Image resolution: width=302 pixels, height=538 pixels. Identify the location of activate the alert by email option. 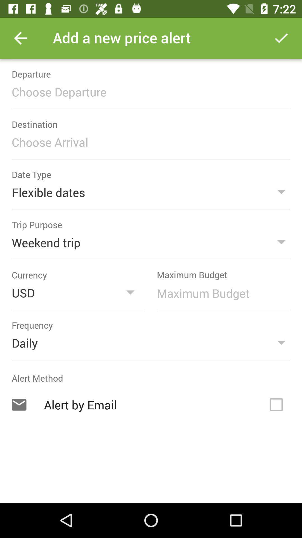
(276, 405).